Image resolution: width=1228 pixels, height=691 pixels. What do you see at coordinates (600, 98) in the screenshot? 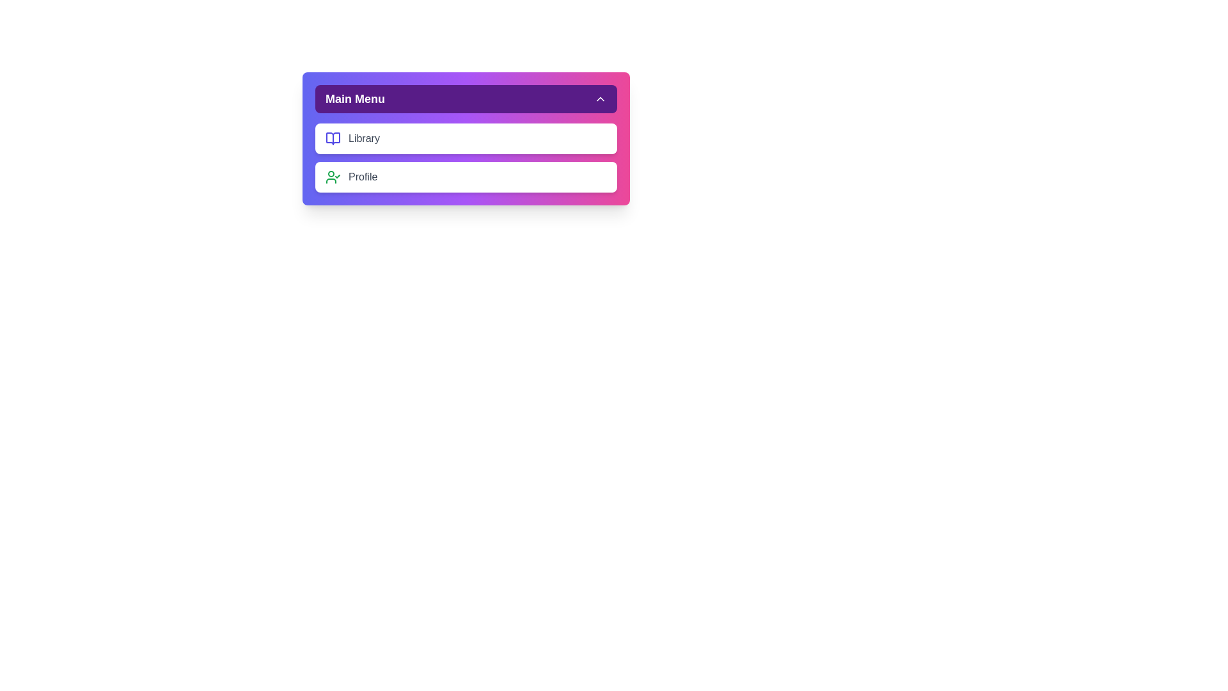
I see `the Chevron Upwards icon located at the far right end of the purple bar, just after the text 'Main Menu', to interact with the menu toggle` at bounding box center [600, 98].